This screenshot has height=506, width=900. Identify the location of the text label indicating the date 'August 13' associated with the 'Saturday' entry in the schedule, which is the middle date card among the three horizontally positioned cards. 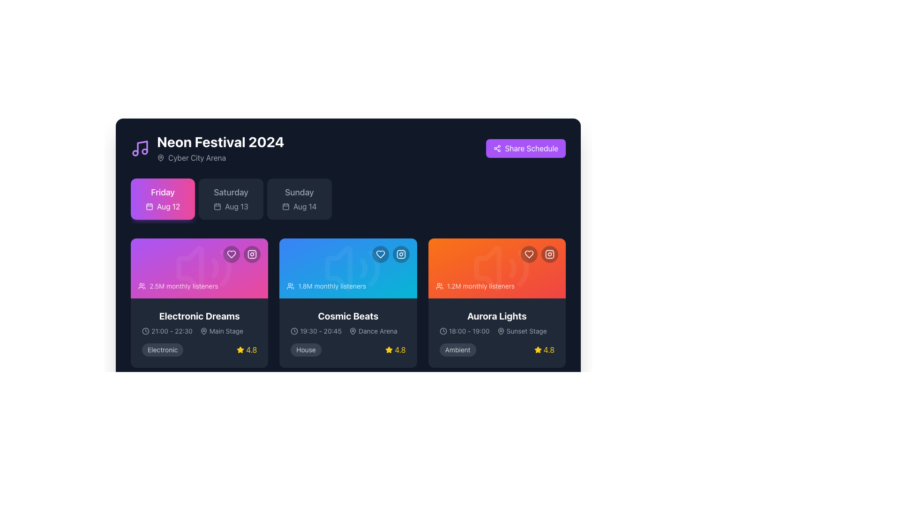
(236, 206).